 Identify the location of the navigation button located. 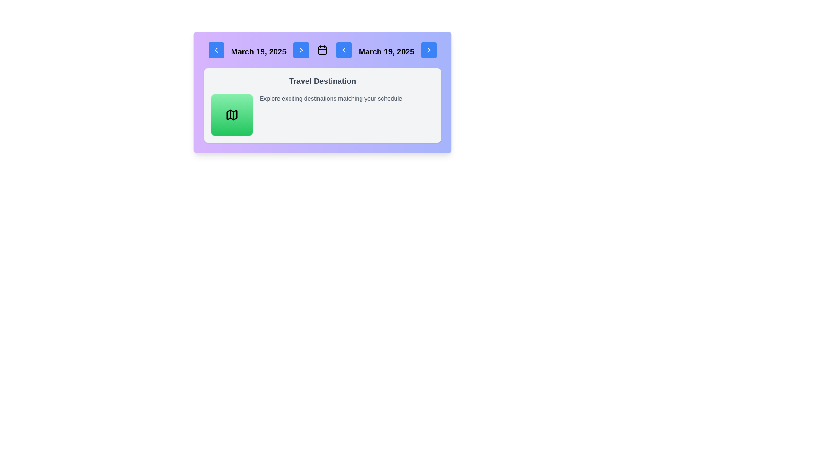
(429, 50).